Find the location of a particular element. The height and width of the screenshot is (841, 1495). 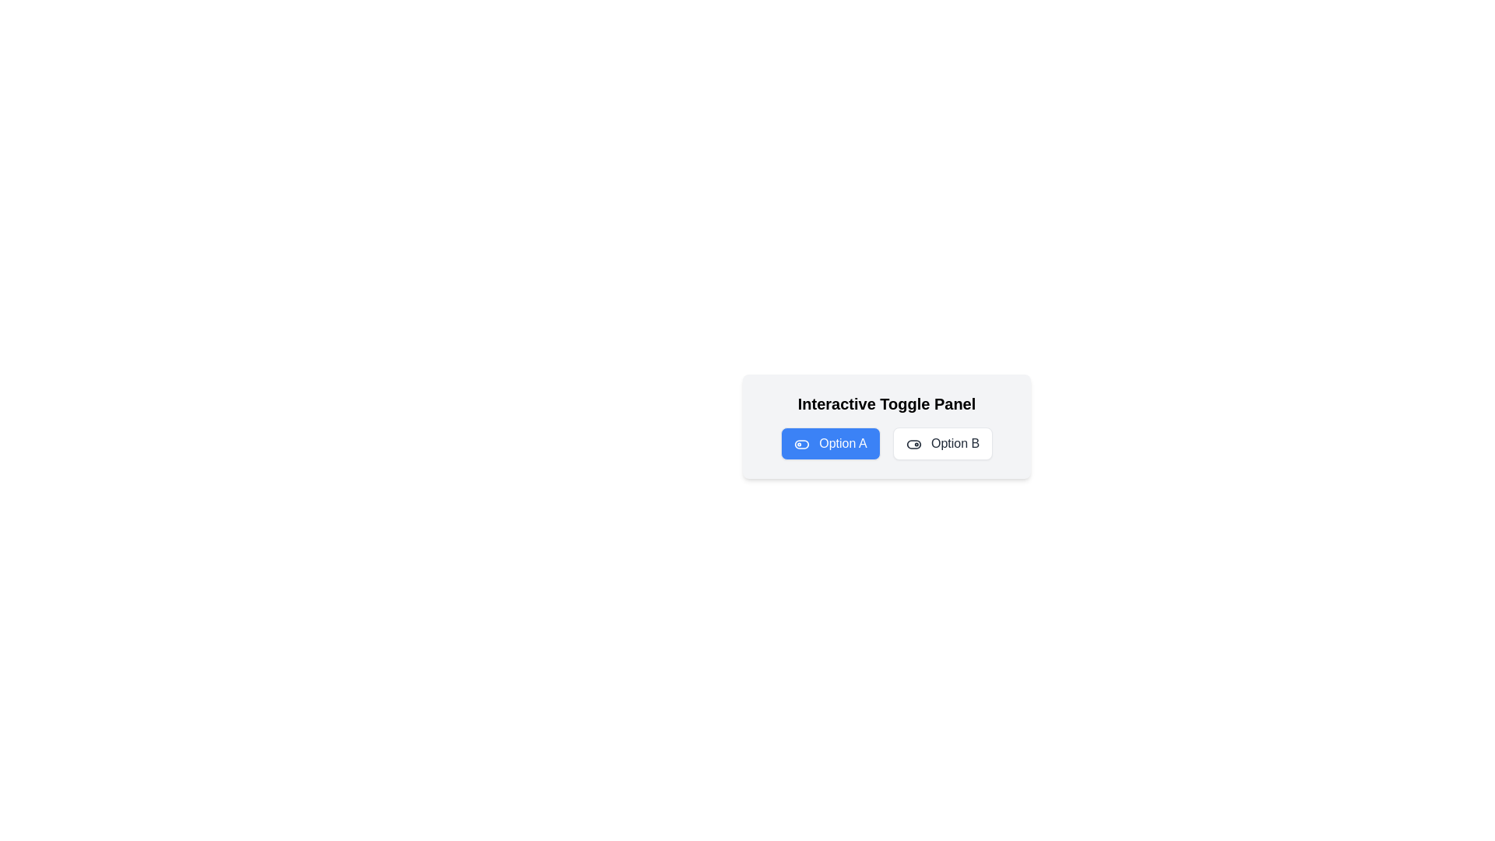

the Rounded Rectangle element located on the left side of the toggle icon, which has a light-colored border and a white background is located at coordinates (801, 444).